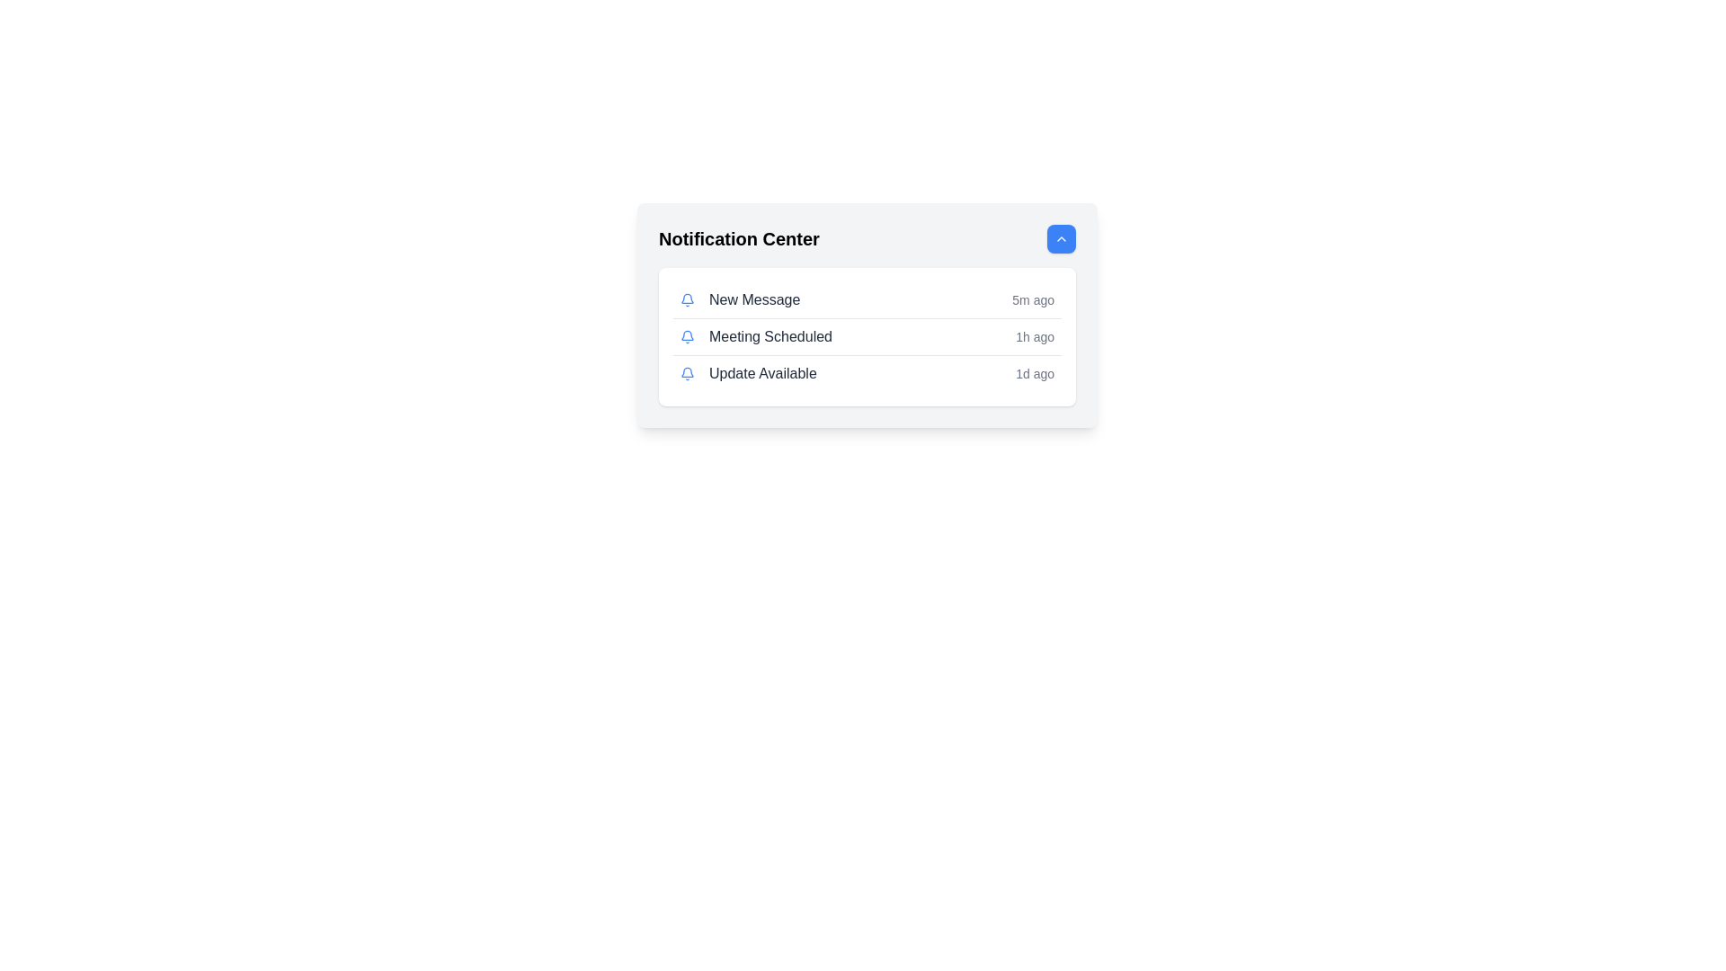 The width and height of the screenshot is (1726, 971). I want to click on the content of the timestamp displayed in the text label located in the 'Meeting Scheduled' row at the far-right side of the interface, so click(1035, 336).